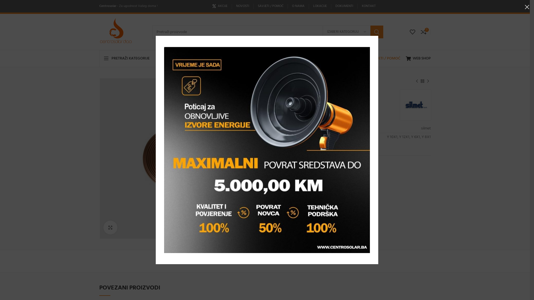  What do you see at coordinates (220, 6) in the screenshot?
I see `'AKCIJE'` at bounding box center [220, 6].